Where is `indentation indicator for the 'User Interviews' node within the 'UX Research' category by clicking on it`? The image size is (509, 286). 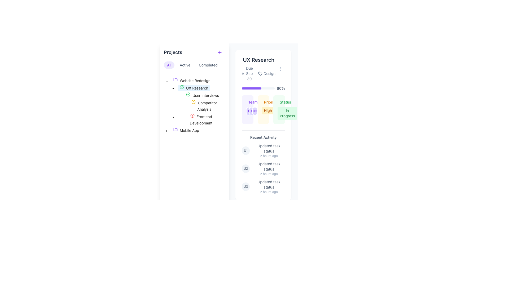 indentation indicator for the 'User Interviews' node within the 'UX Research' category by clicking on it is located at coordinates (170, 96).